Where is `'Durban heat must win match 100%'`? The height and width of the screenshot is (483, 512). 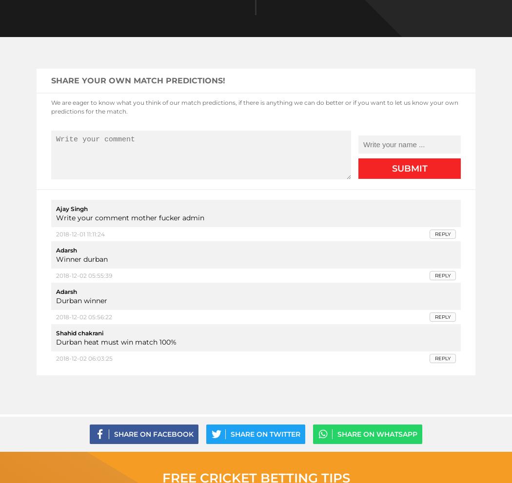 'Durban heat must win match 100%' is located at coordinates (116, 342).